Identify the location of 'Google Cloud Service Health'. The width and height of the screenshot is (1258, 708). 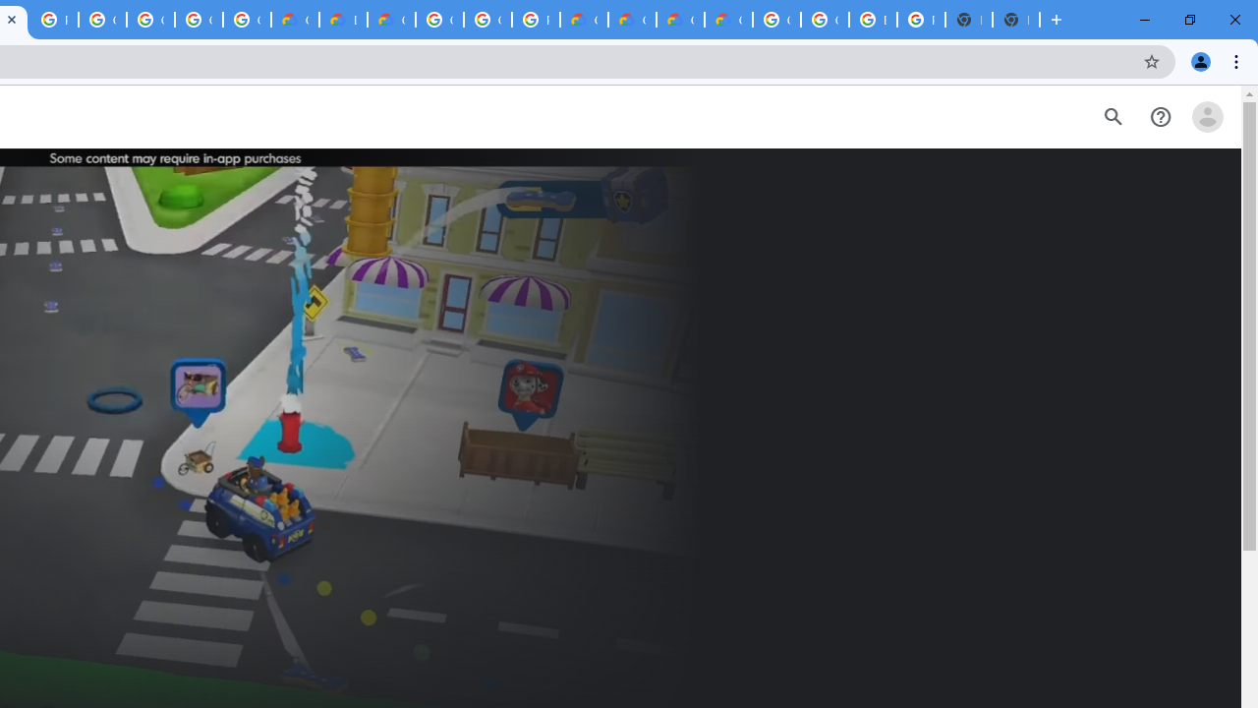
(727, 20).